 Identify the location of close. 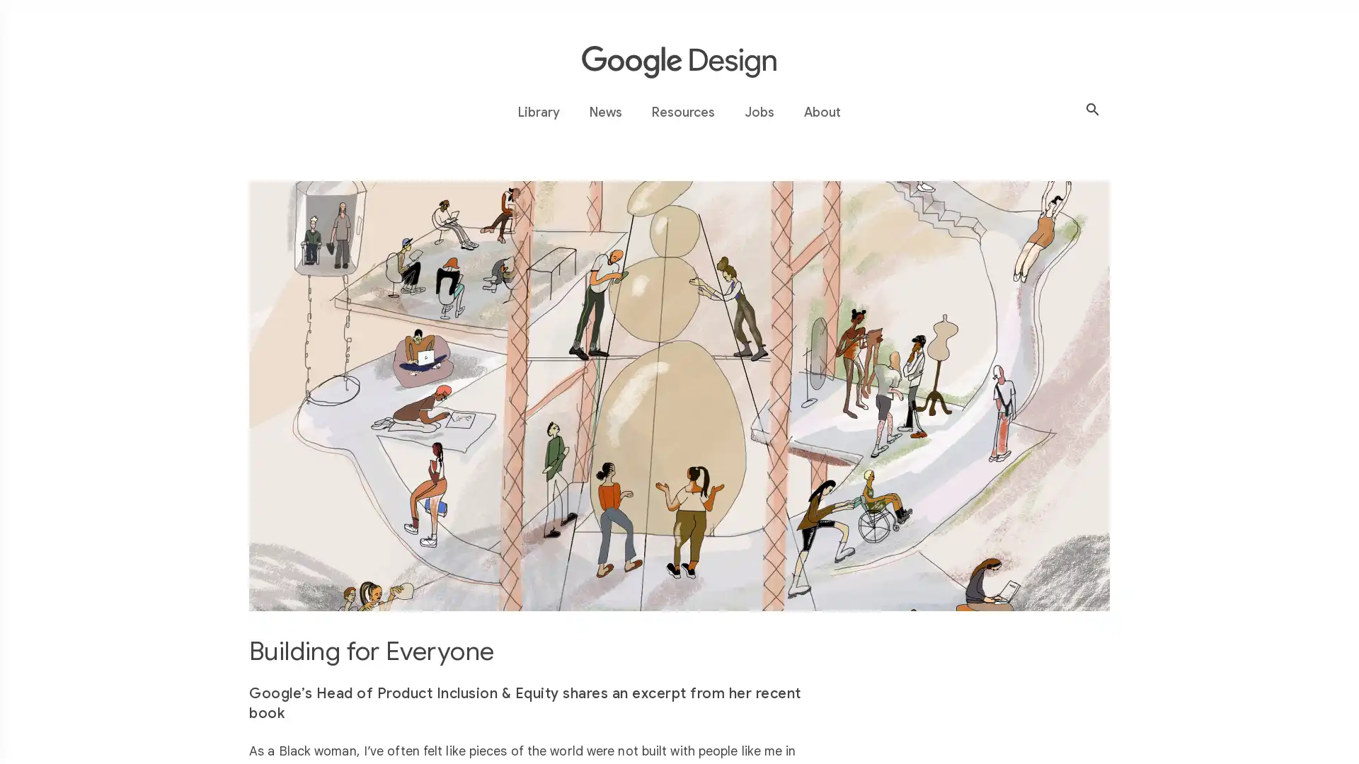
(883, 112).